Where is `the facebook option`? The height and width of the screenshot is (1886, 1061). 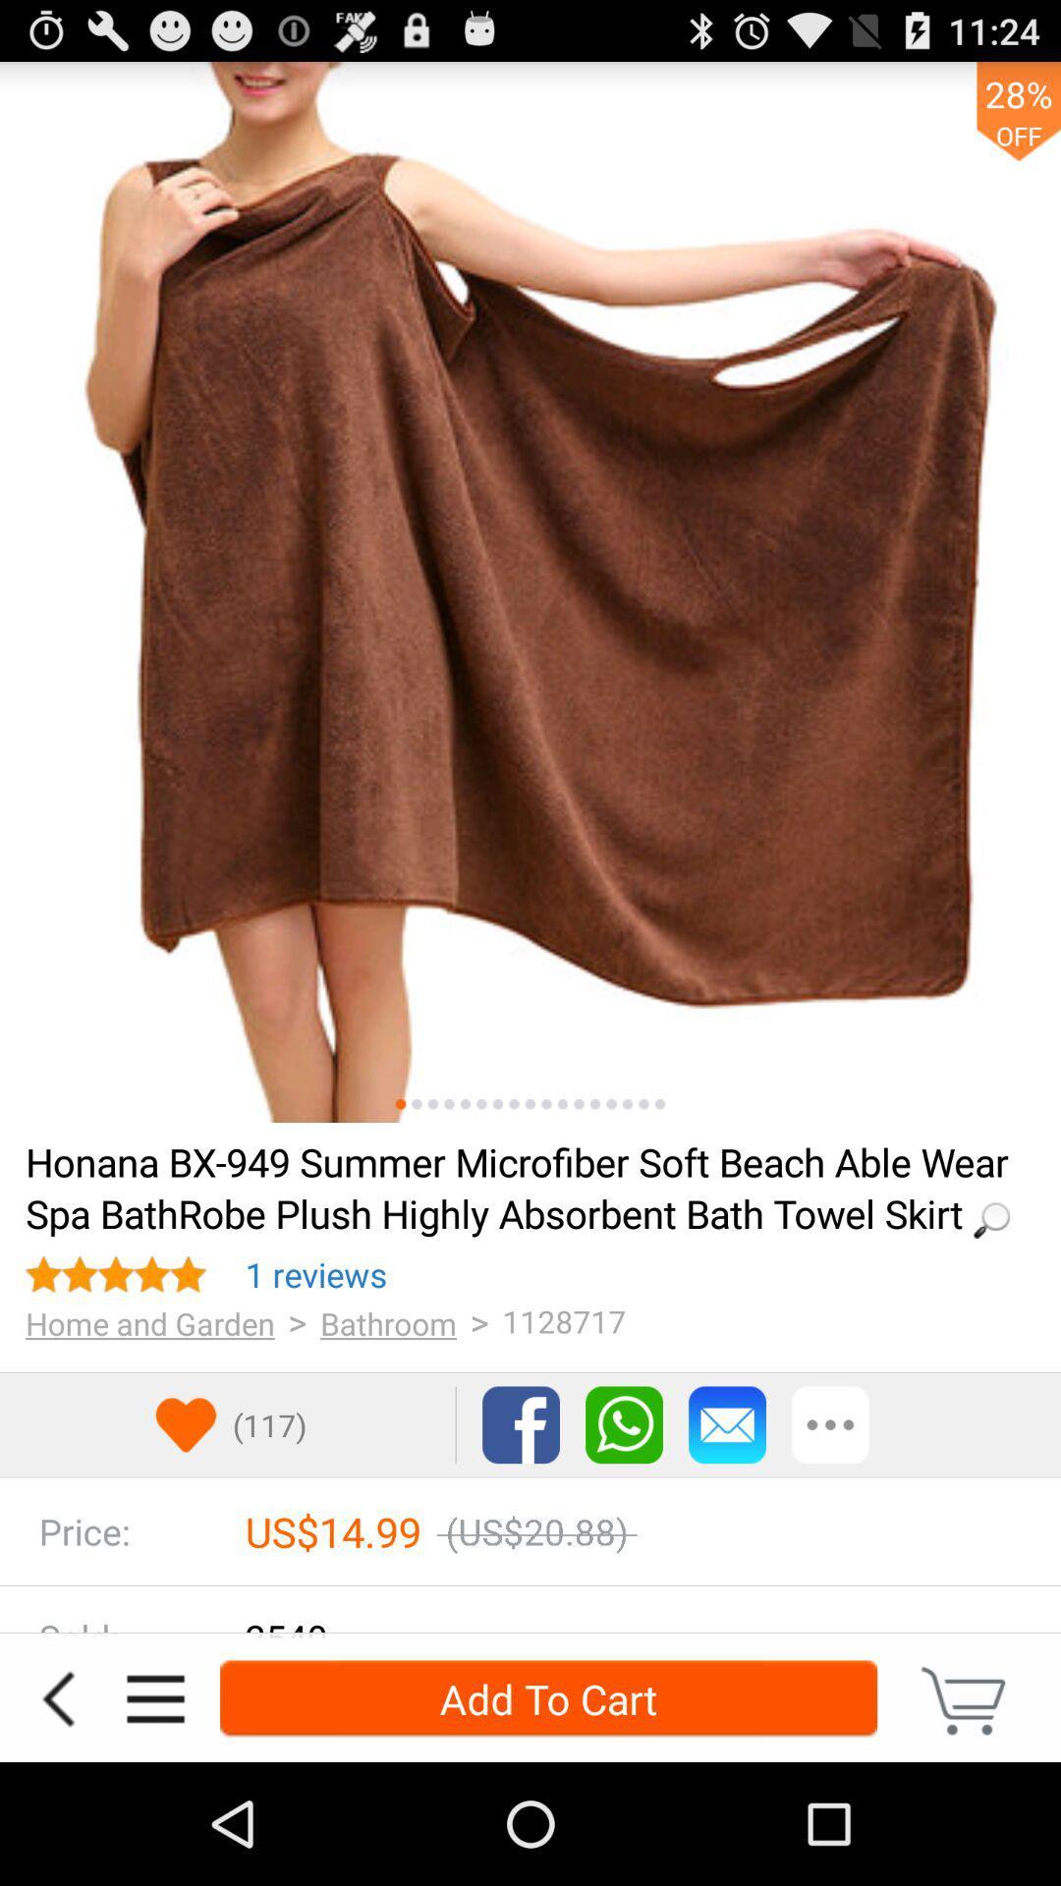
the facebook option is located at coordinates (520, 1424).